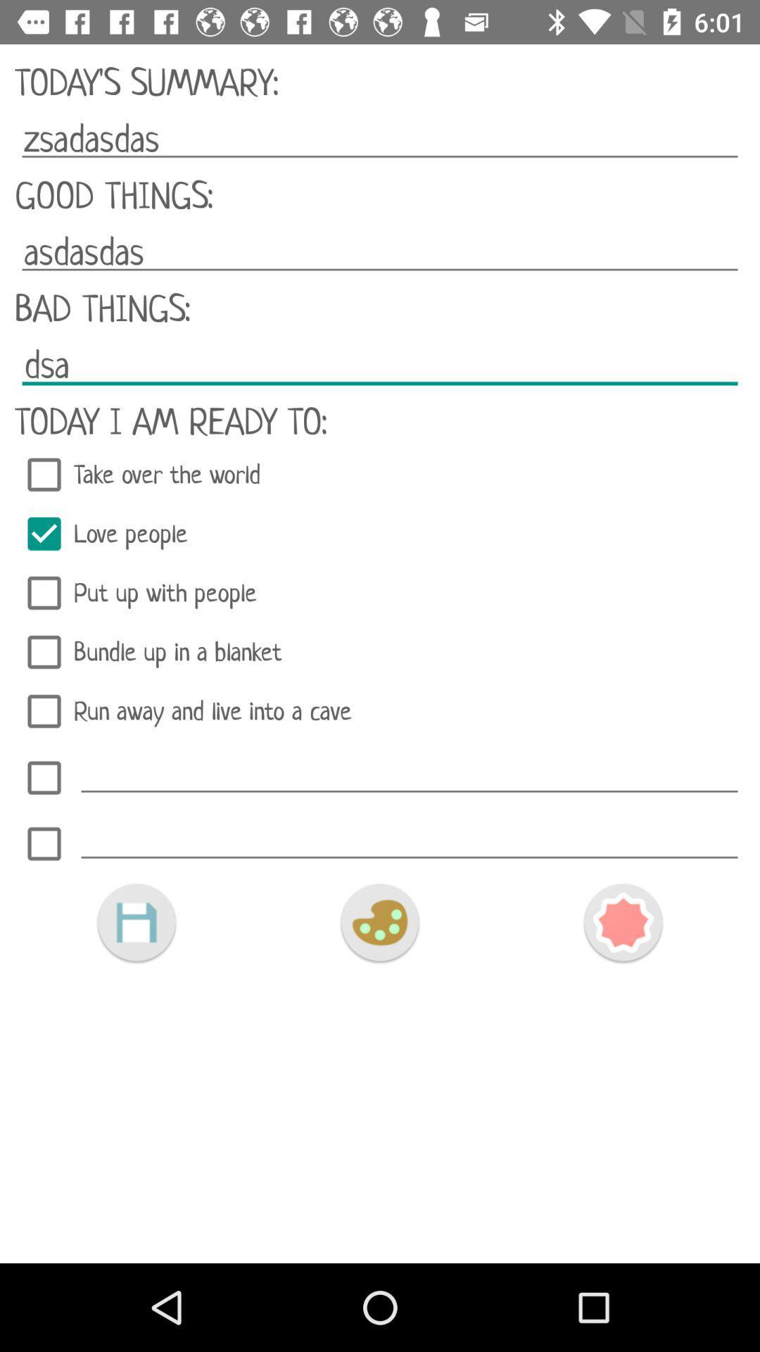 The width and height of the screenshot is (760, 1352). Describe the element at coordinates (43, 844) in the screenshot. I see `check off task` at that location.